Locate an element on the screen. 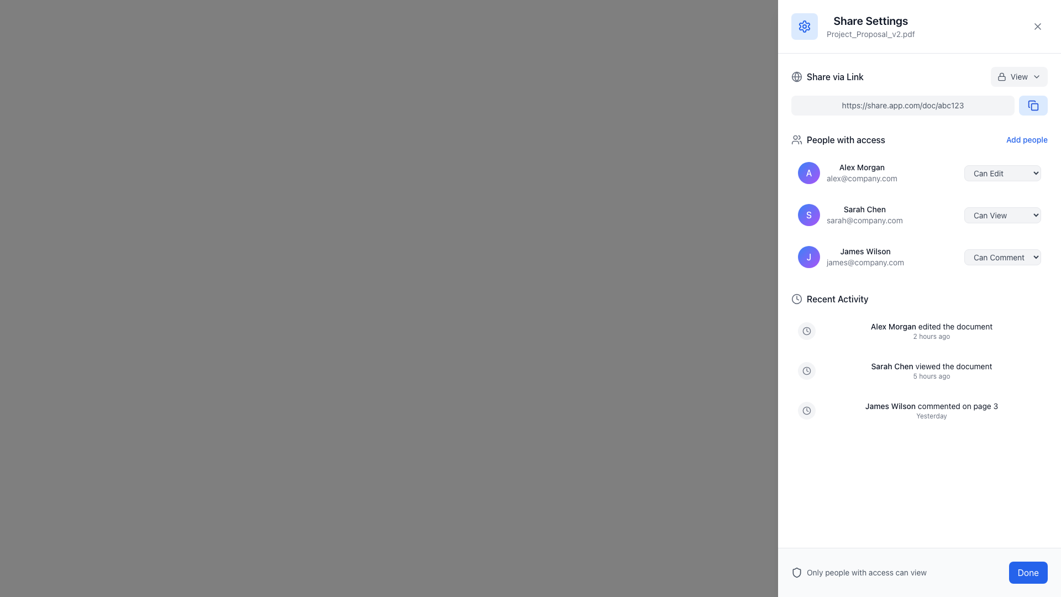 Image resolution: width=1061 pixels, height=597 pixels. the static text label displaying the file name 'Project_Proposal_v2.pdf', which is located directly below the heading 'Share Settings' in the upper right section of the interface is located at coordinates (870, 33).